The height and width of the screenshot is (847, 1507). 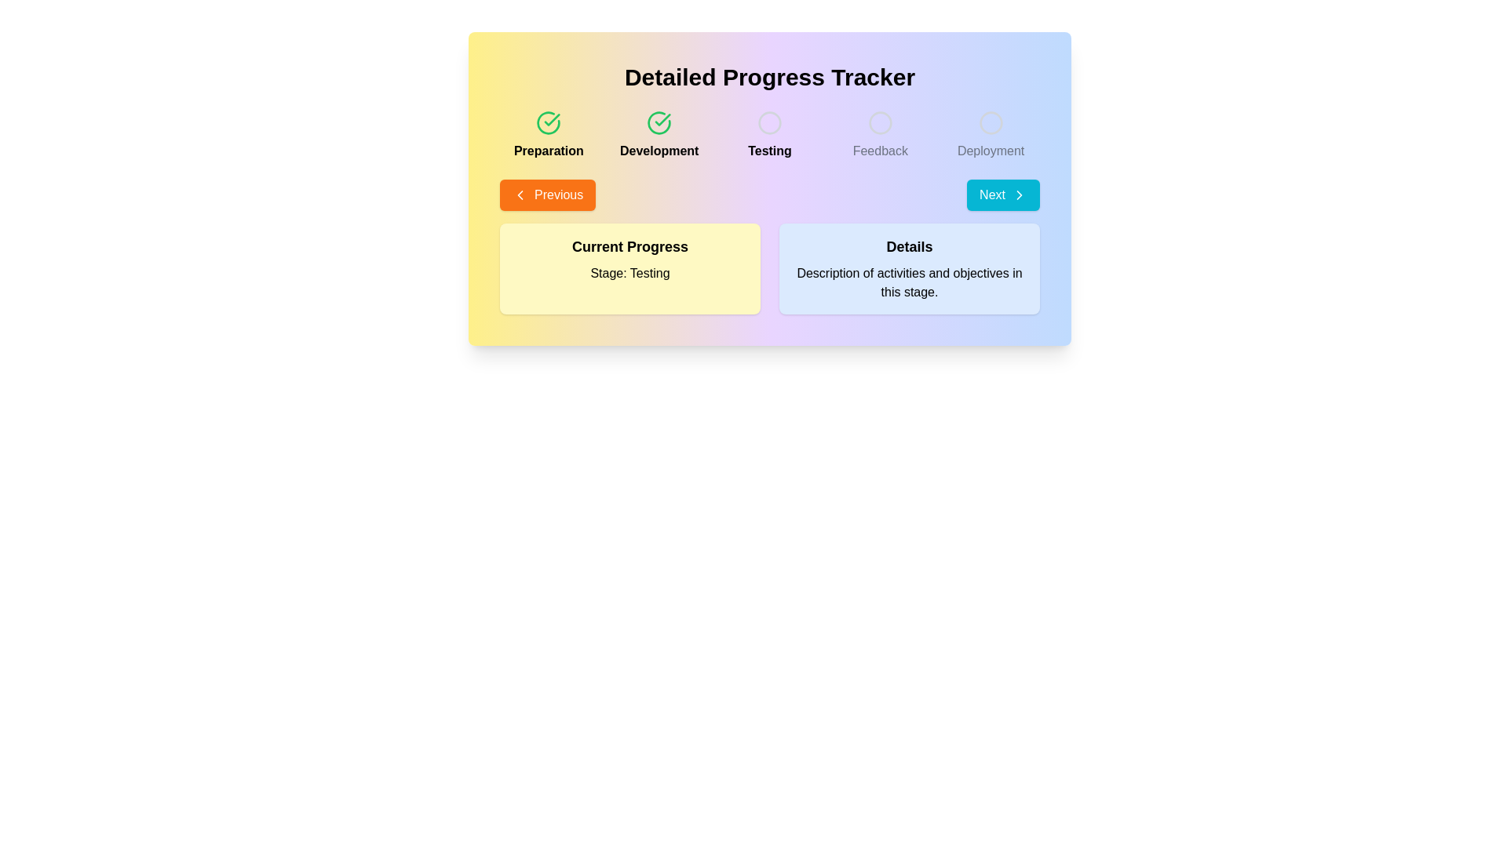 I want to click on the chevron-shaped arrow icon pointing to the right, which is located adjacent to the 'Next' button text in the bottom right area of the central card, so click(x=1020, y=194).